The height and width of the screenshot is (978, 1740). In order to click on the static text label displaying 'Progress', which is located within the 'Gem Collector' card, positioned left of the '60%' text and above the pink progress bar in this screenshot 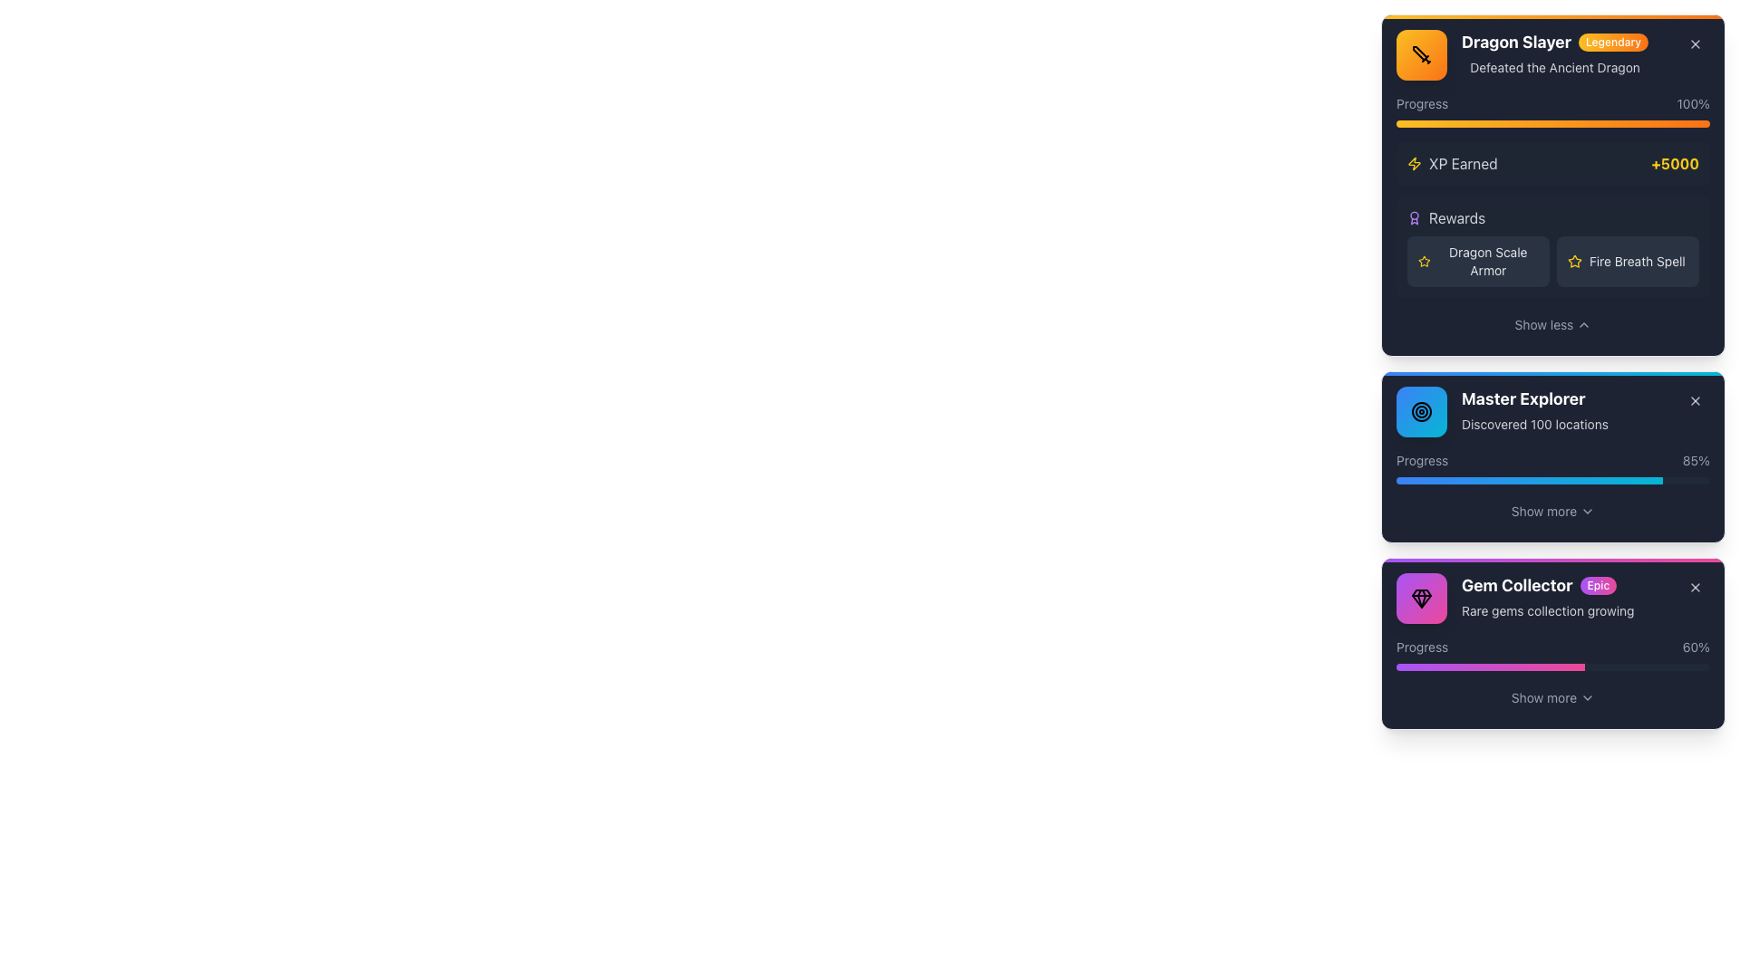, I will do `click(1421, 646)`.